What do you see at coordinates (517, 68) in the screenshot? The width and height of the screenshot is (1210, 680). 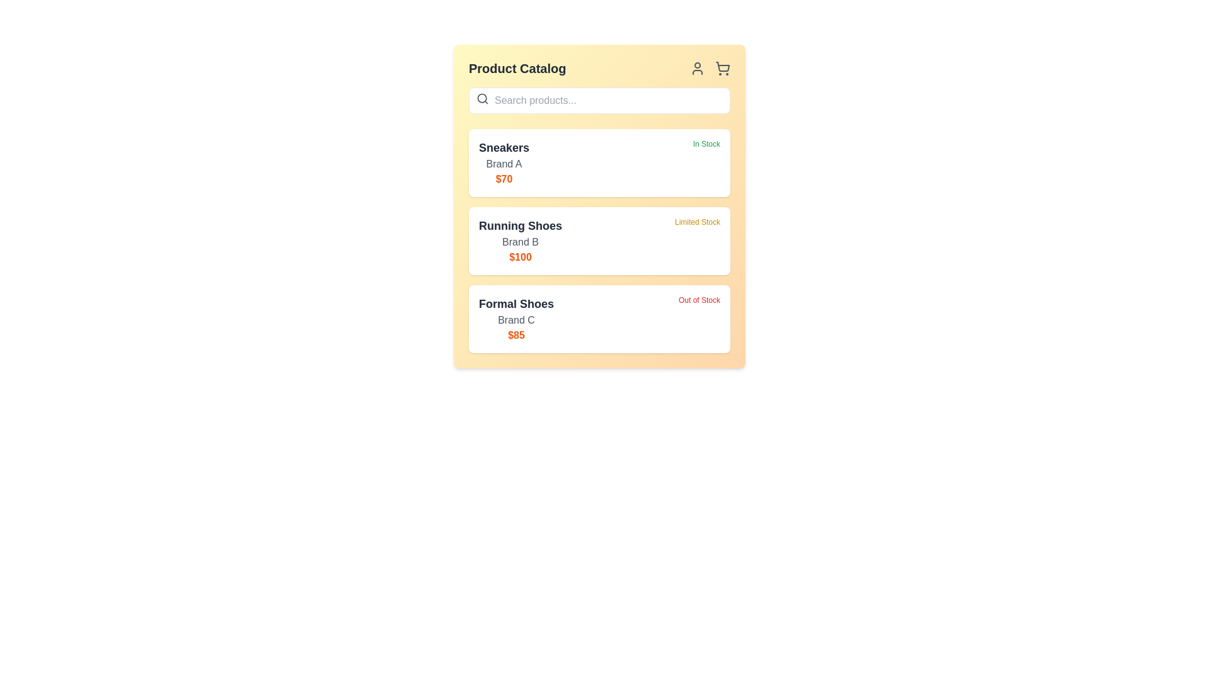 I see `the header text displaying 'Product Catalog', which is a bold, large gray font located at the top-left corner of the content area, directly above the search bar` at bounding box center [517, 68].